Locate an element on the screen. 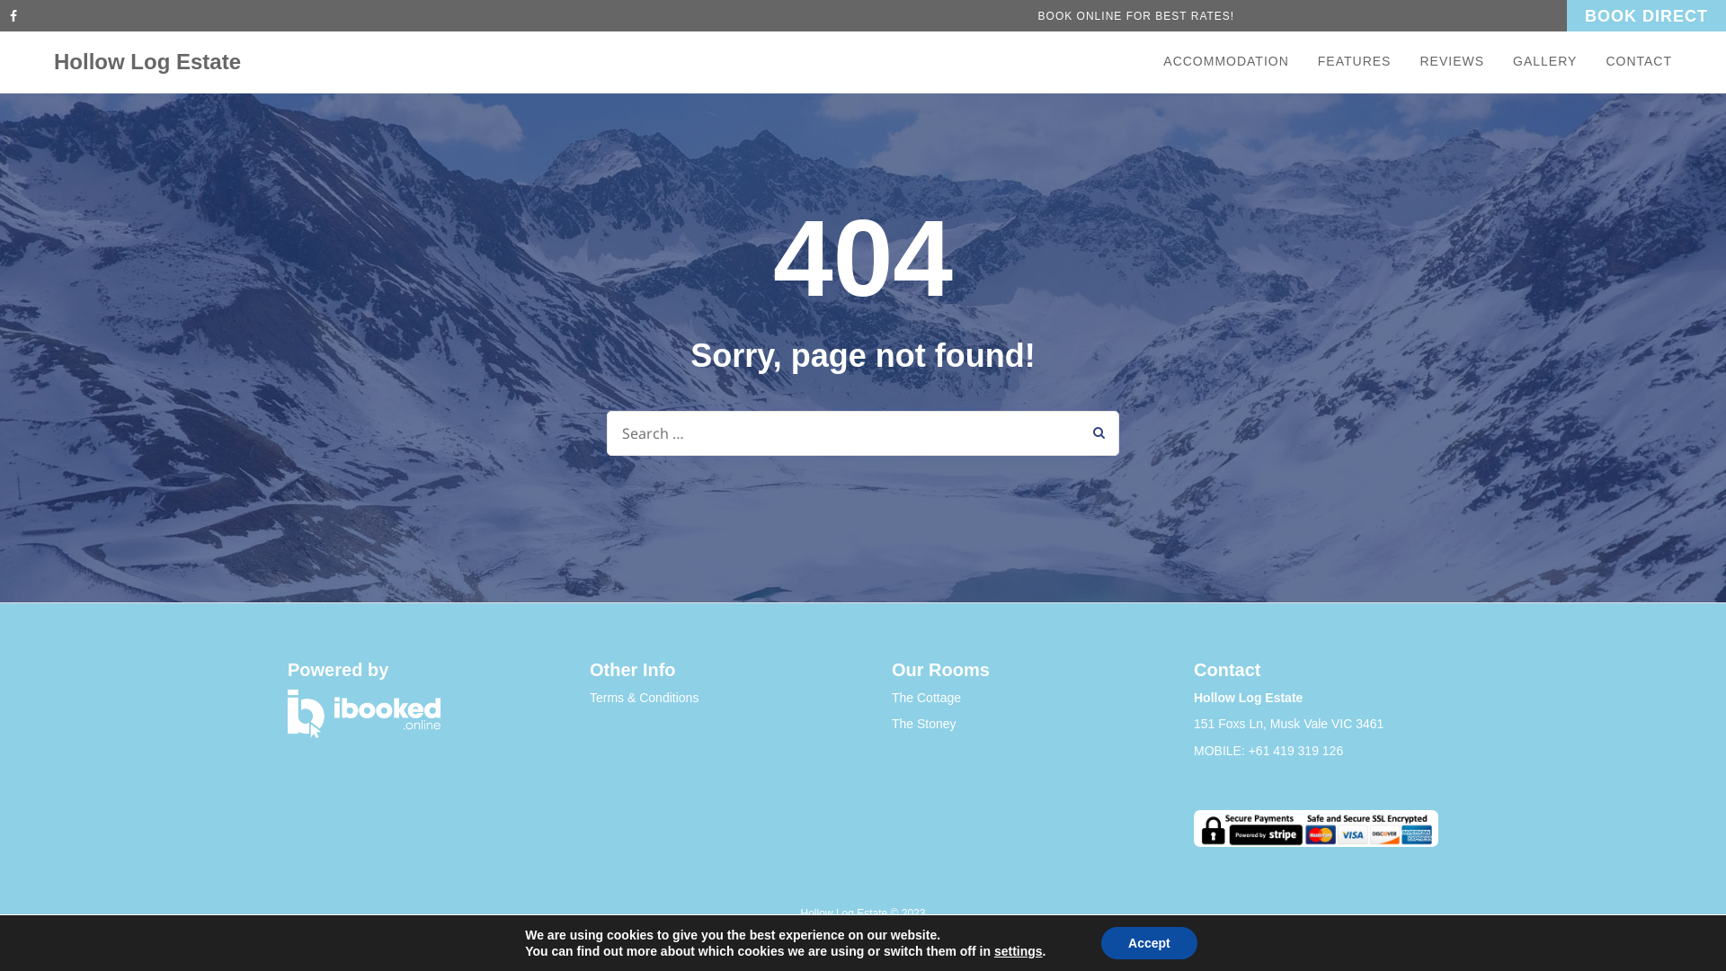 This screenshot has width=1726, height=971. 'ACCOMMODATION' is located at coordinates (1232, 61).